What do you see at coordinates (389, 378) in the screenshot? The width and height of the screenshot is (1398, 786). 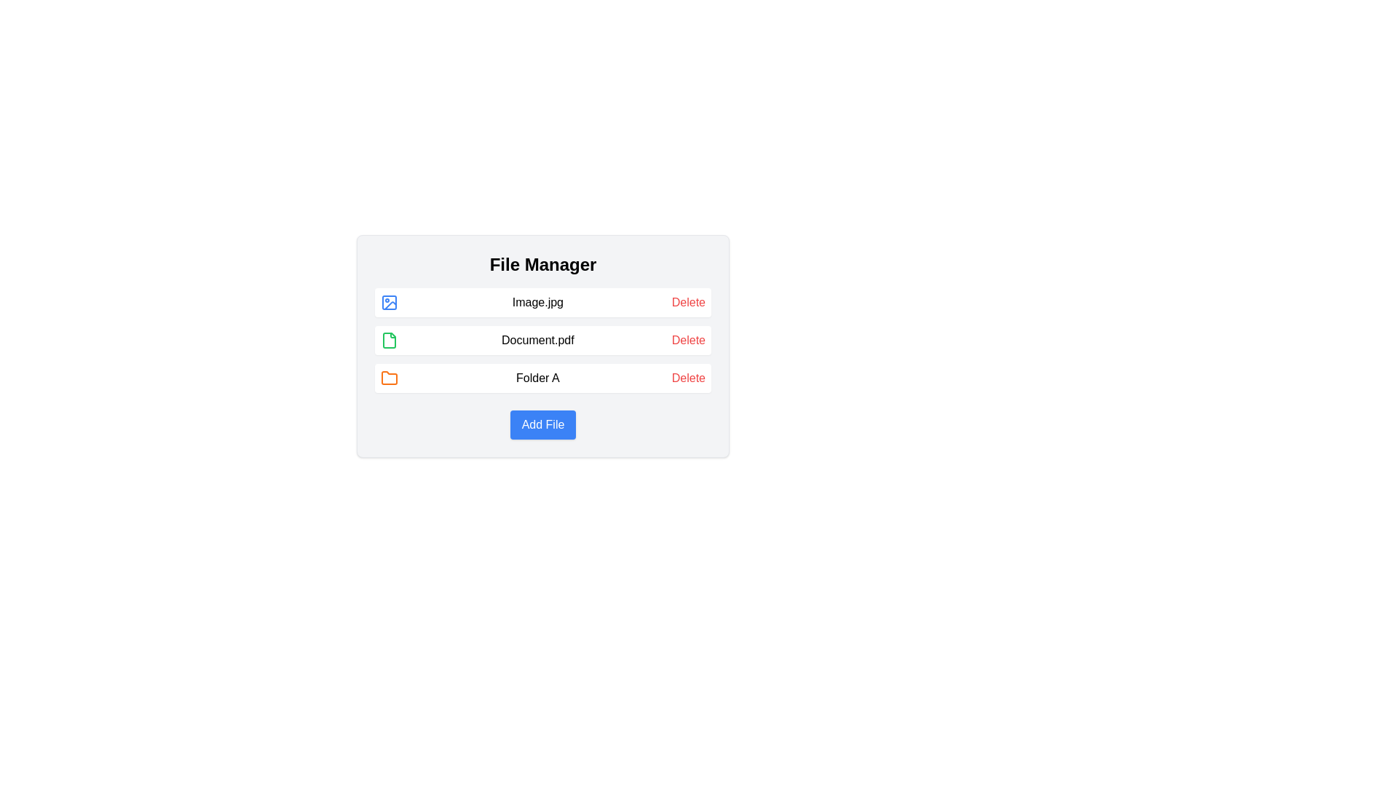 I see `the orange folder icon located in front of the 'Folder A' label in the 'File Manager' interface` at bounding box center [389, 378].